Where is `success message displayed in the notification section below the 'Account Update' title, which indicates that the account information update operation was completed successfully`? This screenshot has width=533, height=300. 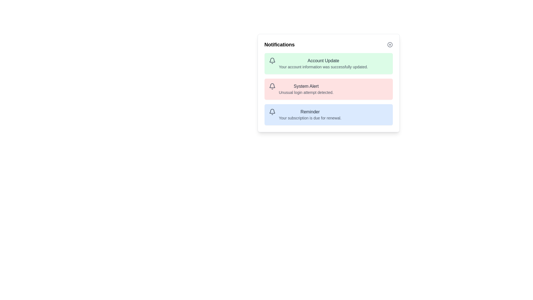
success message displayed in the notification section below the 'Account Update' title, which indicates that the account information update operation was completed successfully is located at coordinates (323, 66).